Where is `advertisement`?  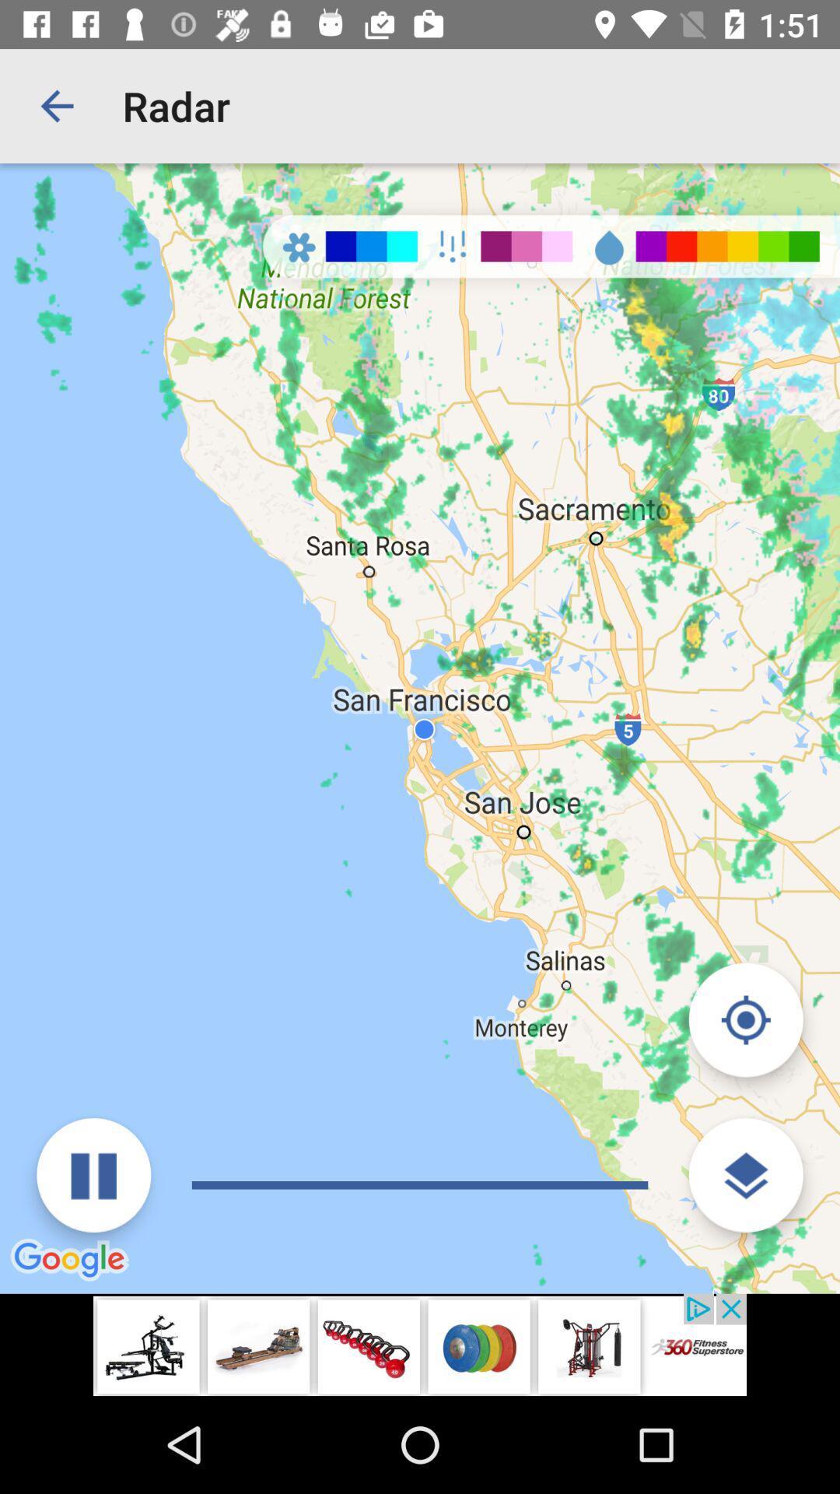
advertisement is located at coordinates (420, 1344).